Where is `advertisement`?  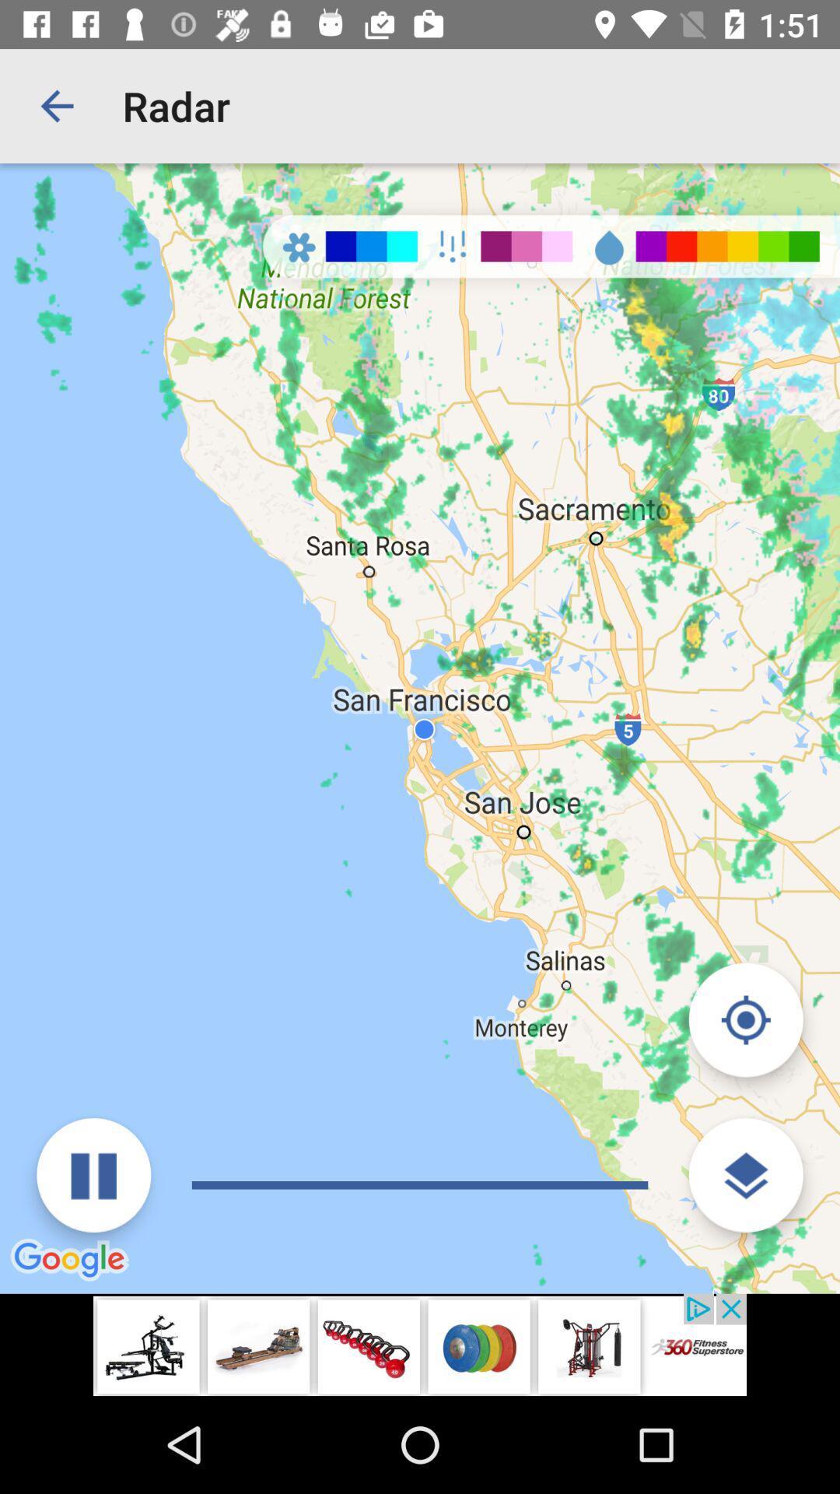
advertisement is located at coordinates (420, 1344).